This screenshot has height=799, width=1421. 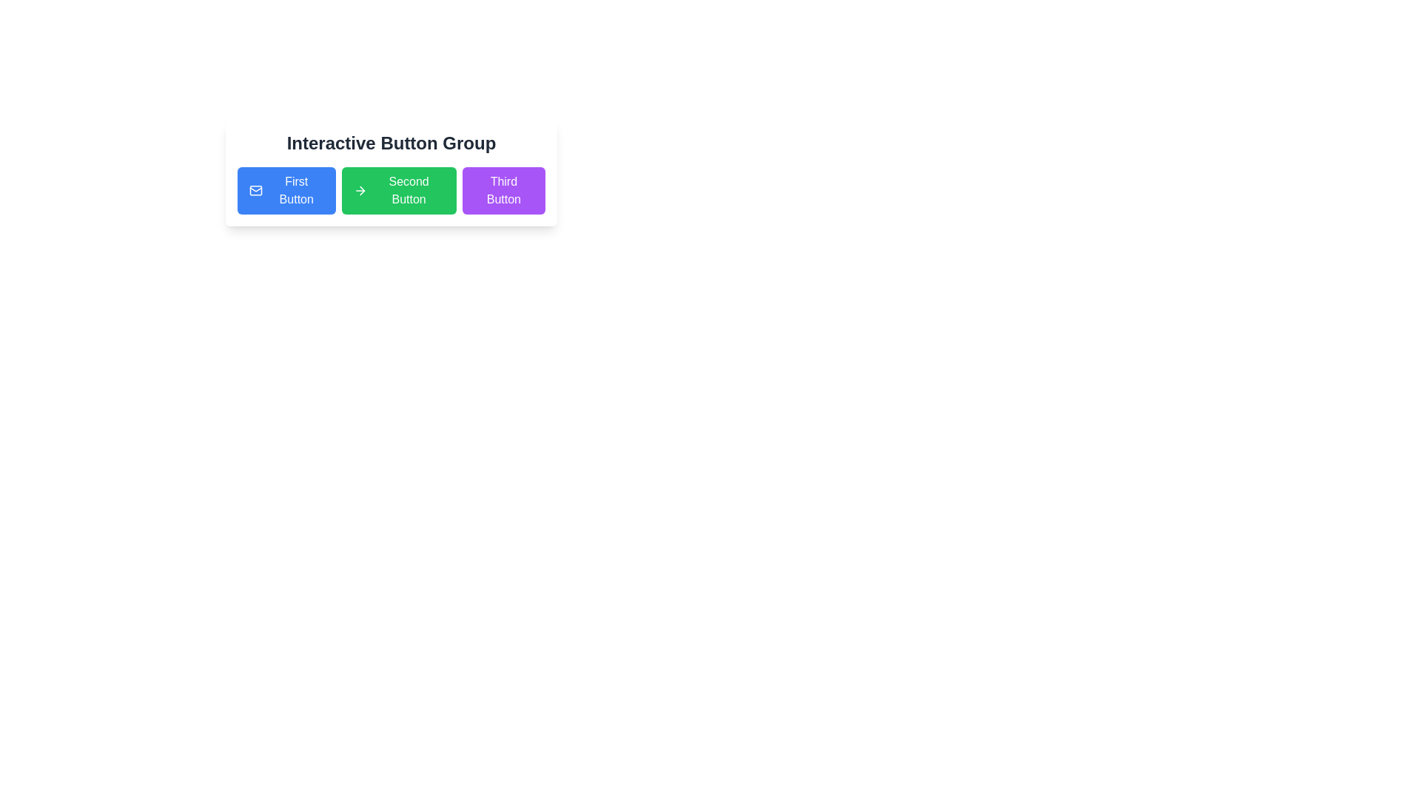 I want to click on the 'First Button' which contains the email-related icon, located in the horizontal button group, so click(x=256, y=190).